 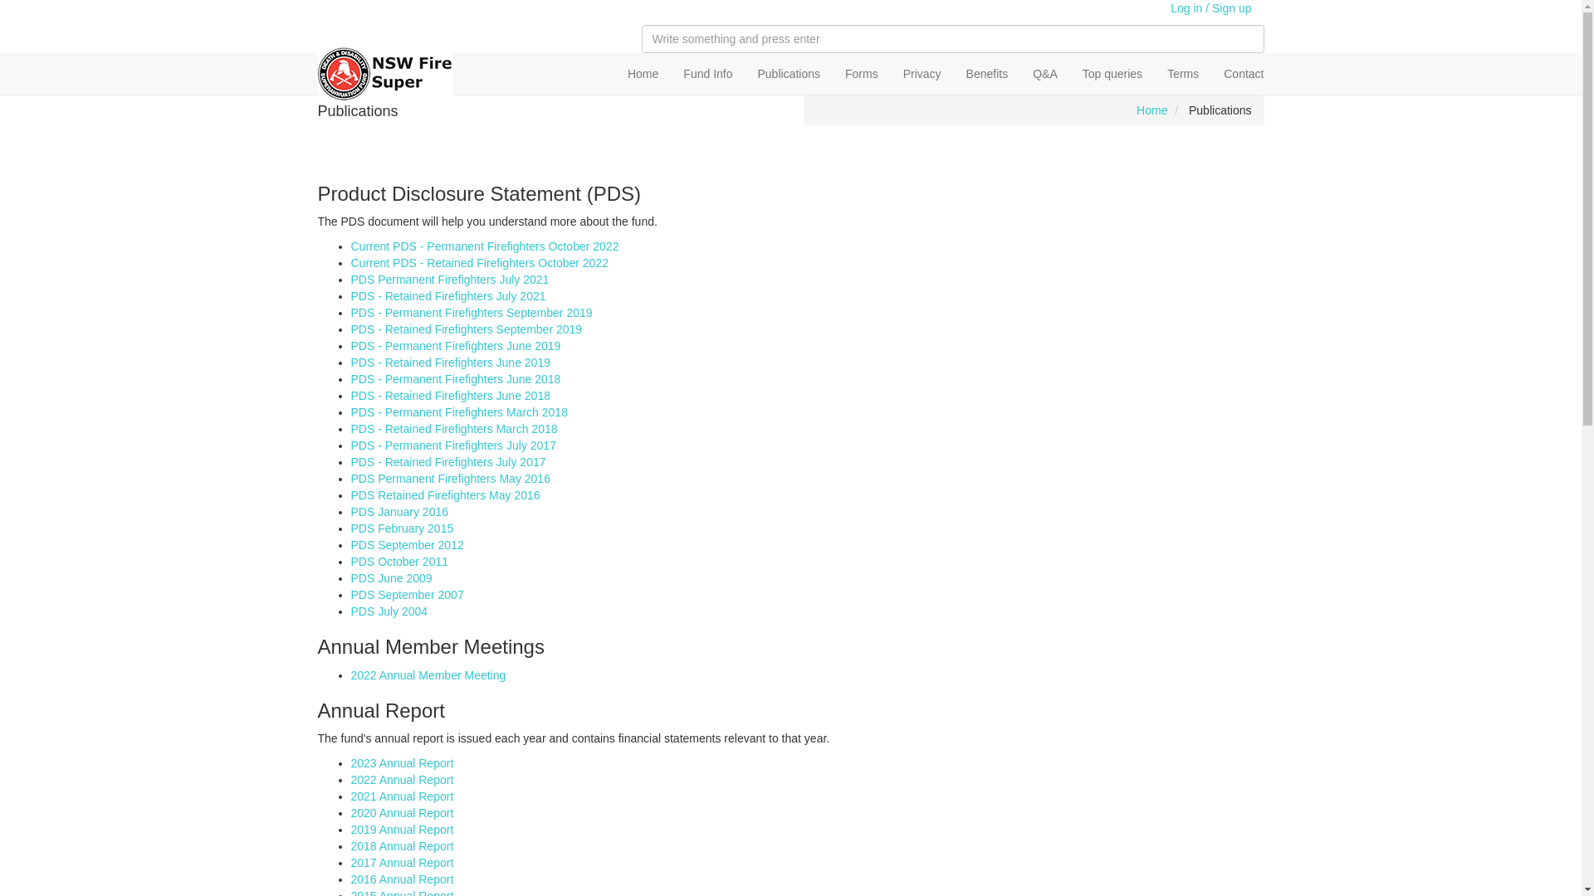 What do you see at coordinates (350, 879) in the screenshot?
I see `'2016 Annual Report'` at bounding box center [350, 879].